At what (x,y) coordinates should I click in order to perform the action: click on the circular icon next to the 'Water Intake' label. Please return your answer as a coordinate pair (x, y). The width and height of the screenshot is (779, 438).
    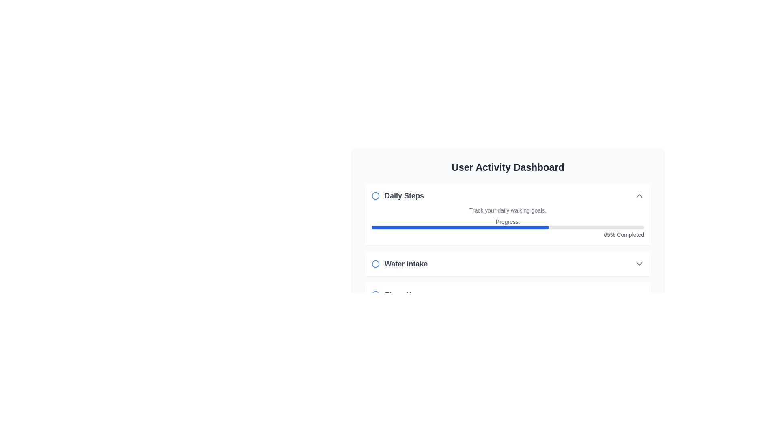
    Looking at the image, I should click on (400, 264).